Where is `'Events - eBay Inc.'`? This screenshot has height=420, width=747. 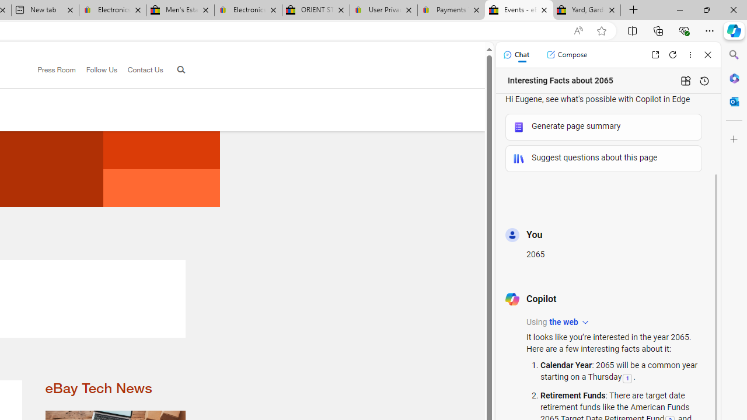
'Events - eBay Inc.' is located at coordinates (518, 10).